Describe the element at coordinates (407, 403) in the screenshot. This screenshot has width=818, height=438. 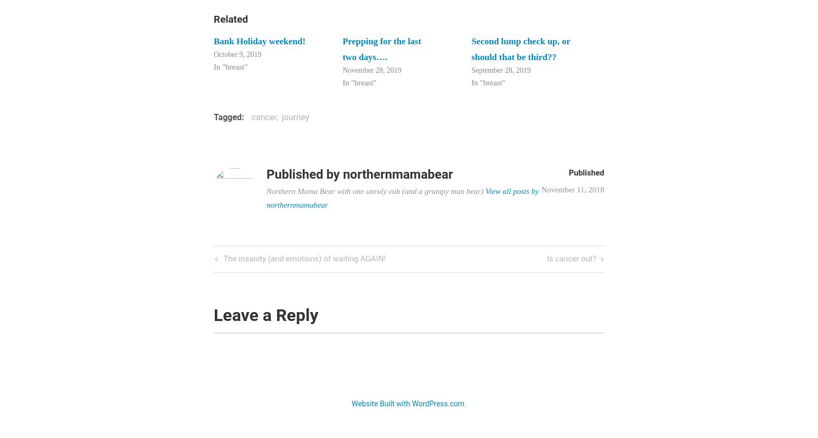
I see `'Website Built with WordPress.com'` at that location.